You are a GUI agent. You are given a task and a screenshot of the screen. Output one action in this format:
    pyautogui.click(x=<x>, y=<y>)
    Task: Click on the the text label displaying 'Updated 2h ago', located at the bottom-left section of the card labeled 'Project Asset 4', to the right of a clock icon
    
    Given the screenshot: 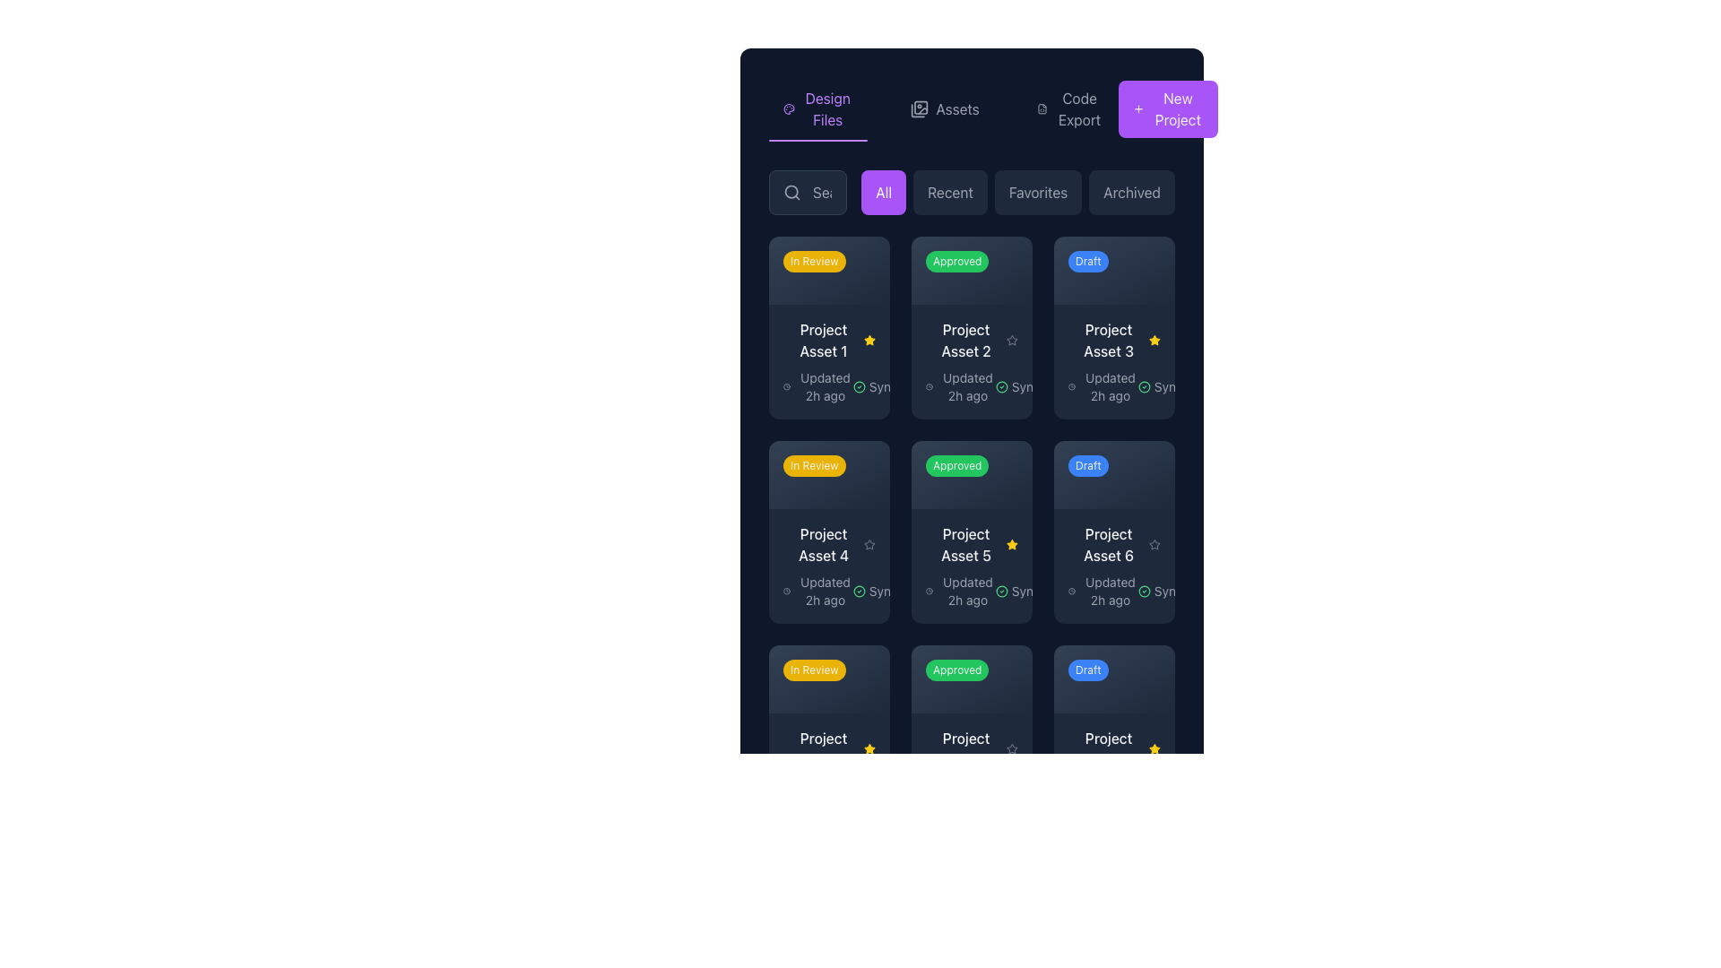 What is the action you would take?
    pyautogui.click(x=825, y=591)
    